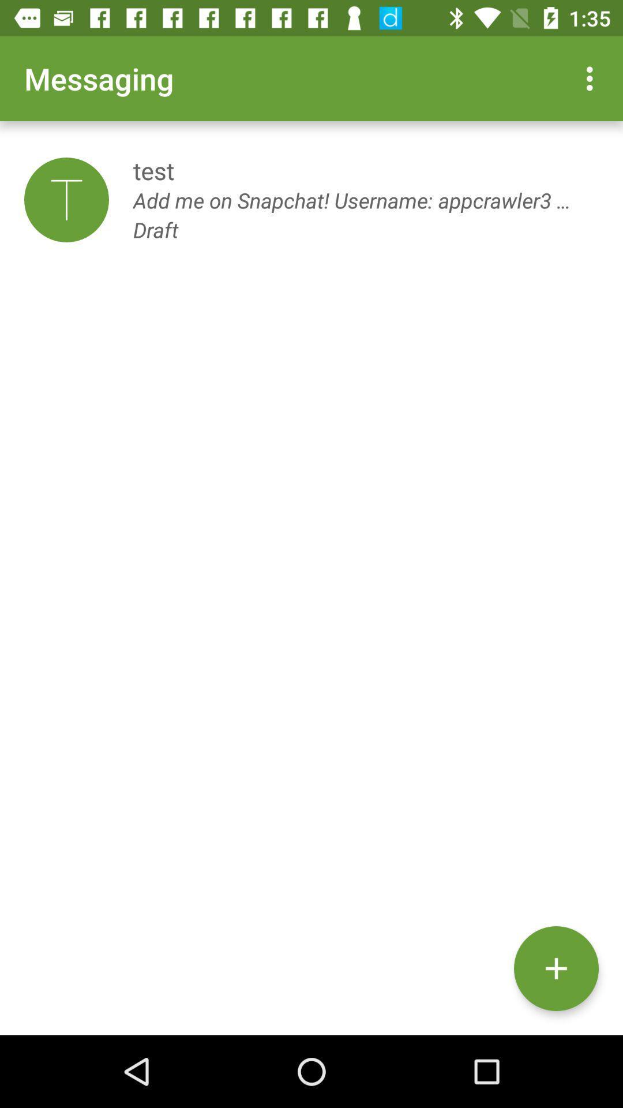 The height and width of the screenshot is (1108, 623). What do you see at coordinates (556, 968) in the screenshot?
I see `the add icon` at bounding box center [556, 968].